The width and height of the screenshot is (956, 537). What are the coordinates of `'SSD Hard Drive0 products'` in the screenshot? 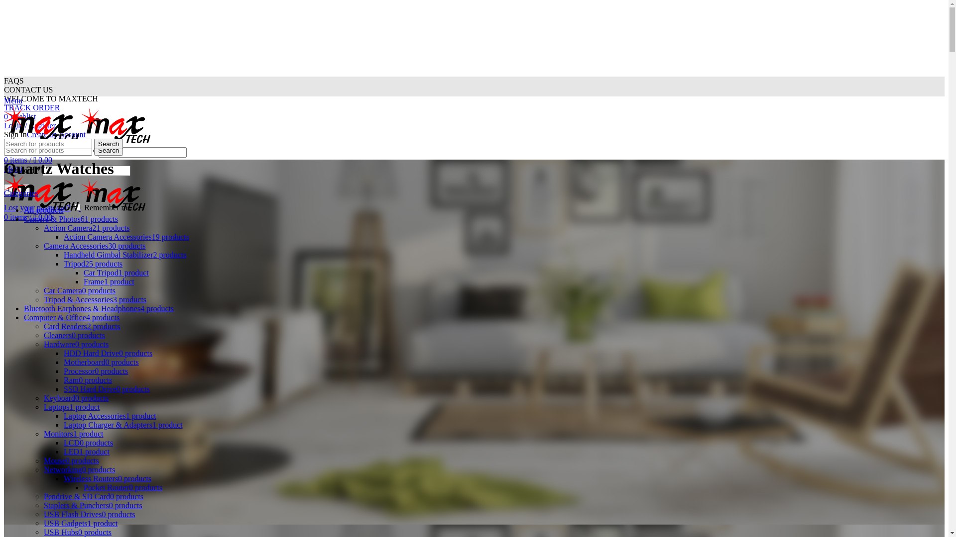 It's located at (107, 388).